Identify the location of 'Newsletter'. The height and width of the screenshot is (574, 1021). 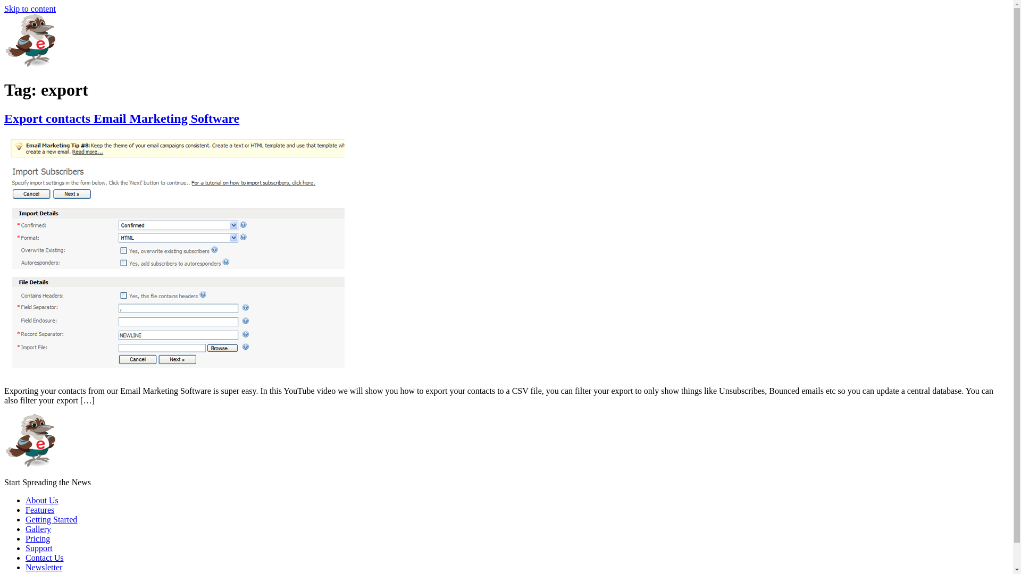
(43, 567).